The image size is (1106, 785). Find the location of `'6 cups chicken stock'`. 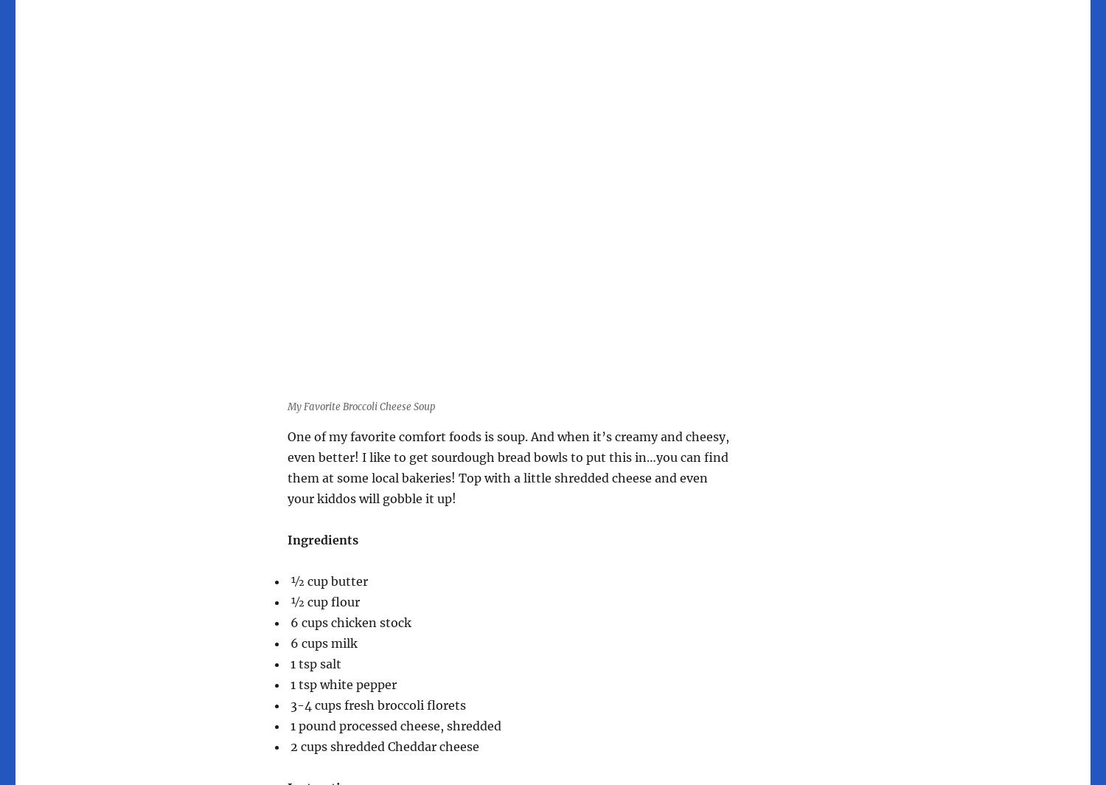

'6 cups chicken stock' is located at coordinates (349, 622).